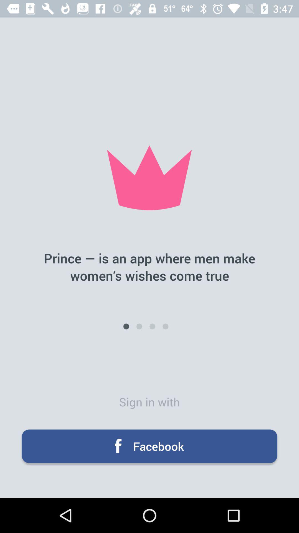  I want to click on the icon below the prince is an icon, so click(126, 326).